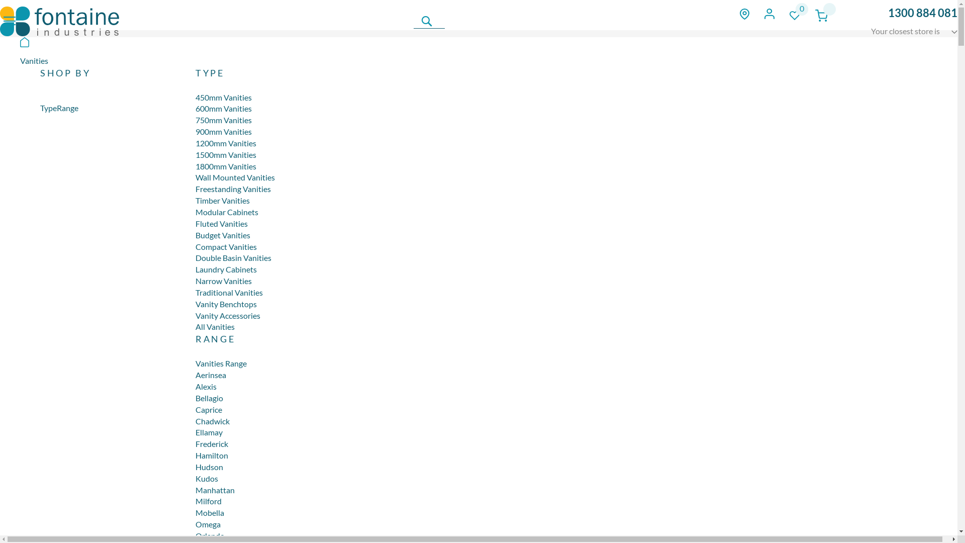 Image resolution: width=965 pixels, height=543 pixels. What do you see at coordinates (195, 363) in the screenshot?
I see `'Vanities Range'` at bounding box center [195, 363].